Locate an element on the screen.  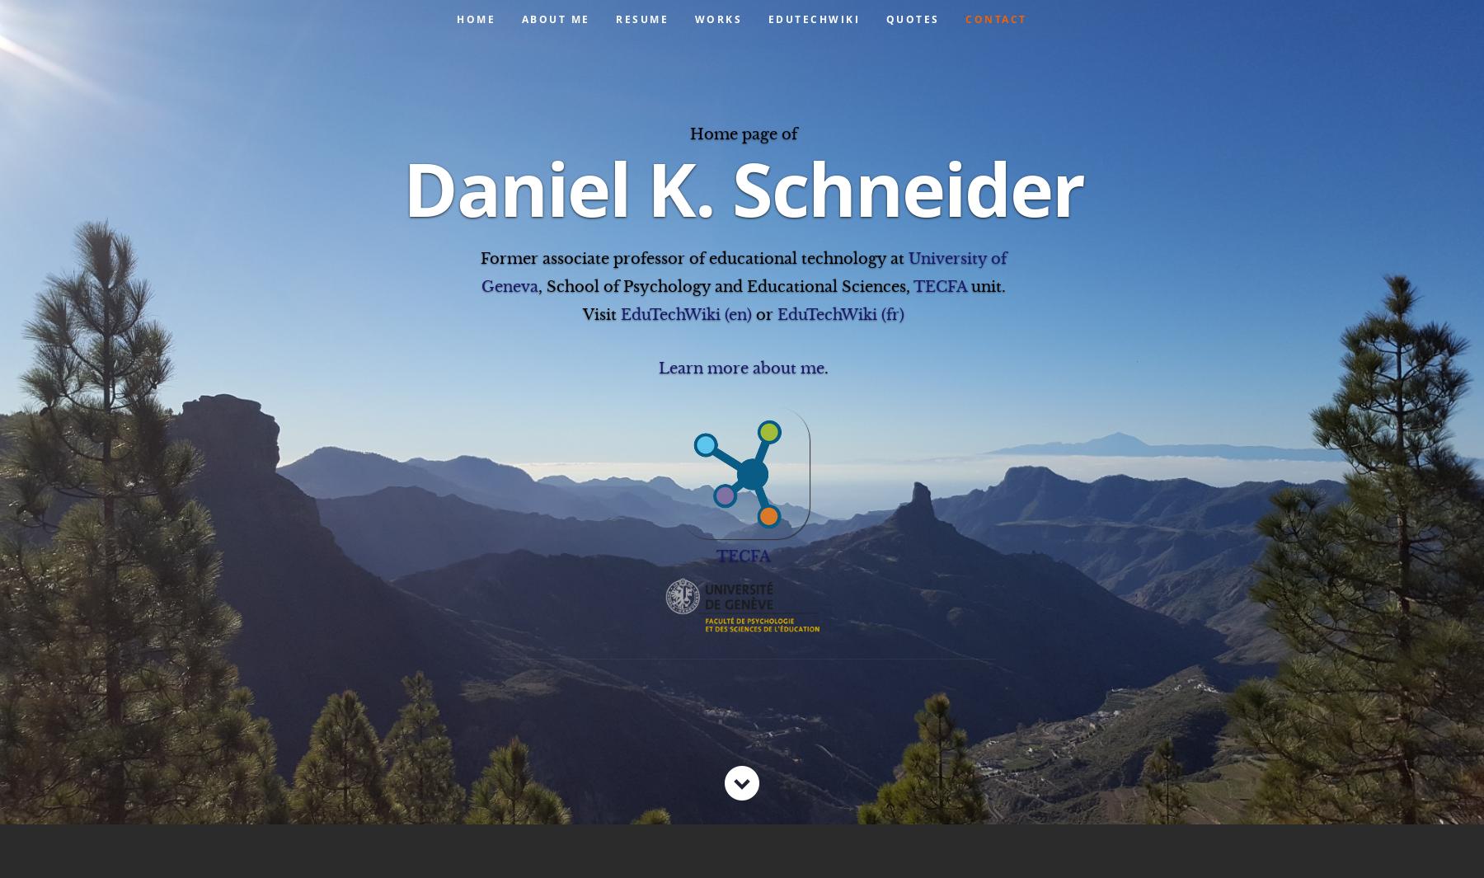
'Contact' is located at coordinates (994, 18).